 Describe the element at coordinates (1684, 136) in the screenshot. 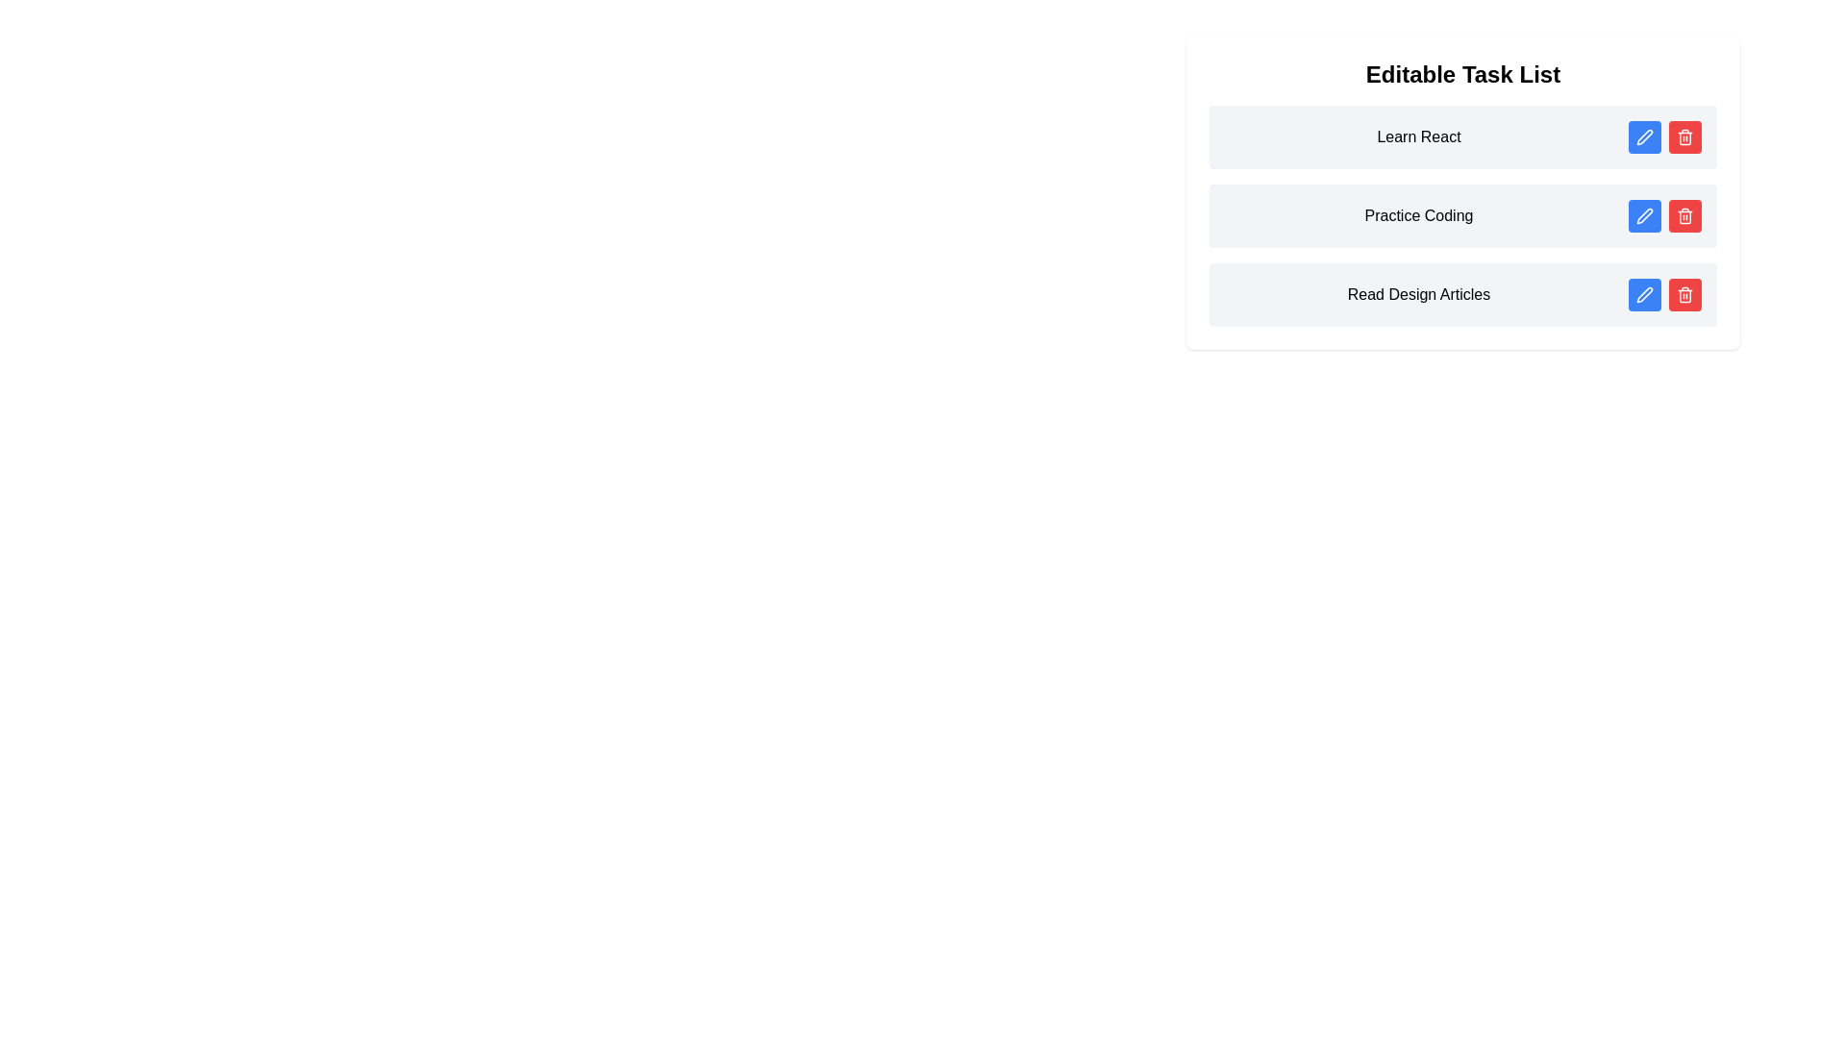

I see `the delete button, which is a red circular button located to the right of the 'Learn React' row` at that location.